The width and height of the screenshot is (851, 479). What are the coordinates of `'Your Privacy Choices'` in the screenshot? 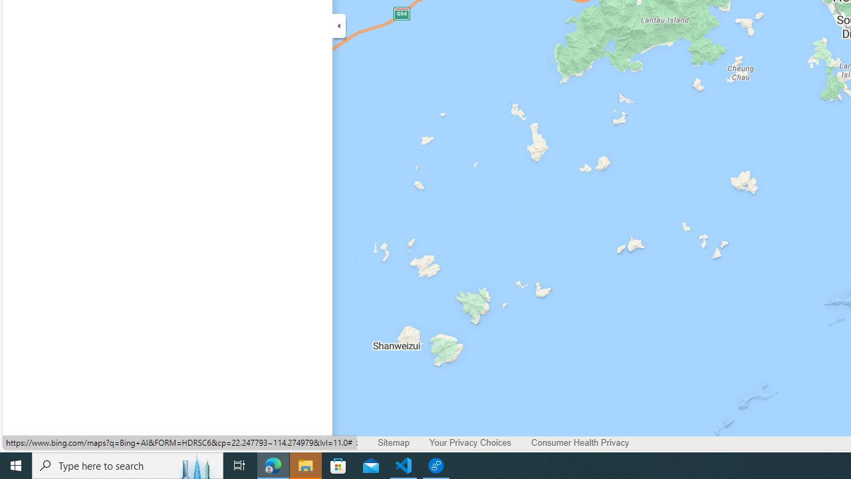 It's located at (470, 443).